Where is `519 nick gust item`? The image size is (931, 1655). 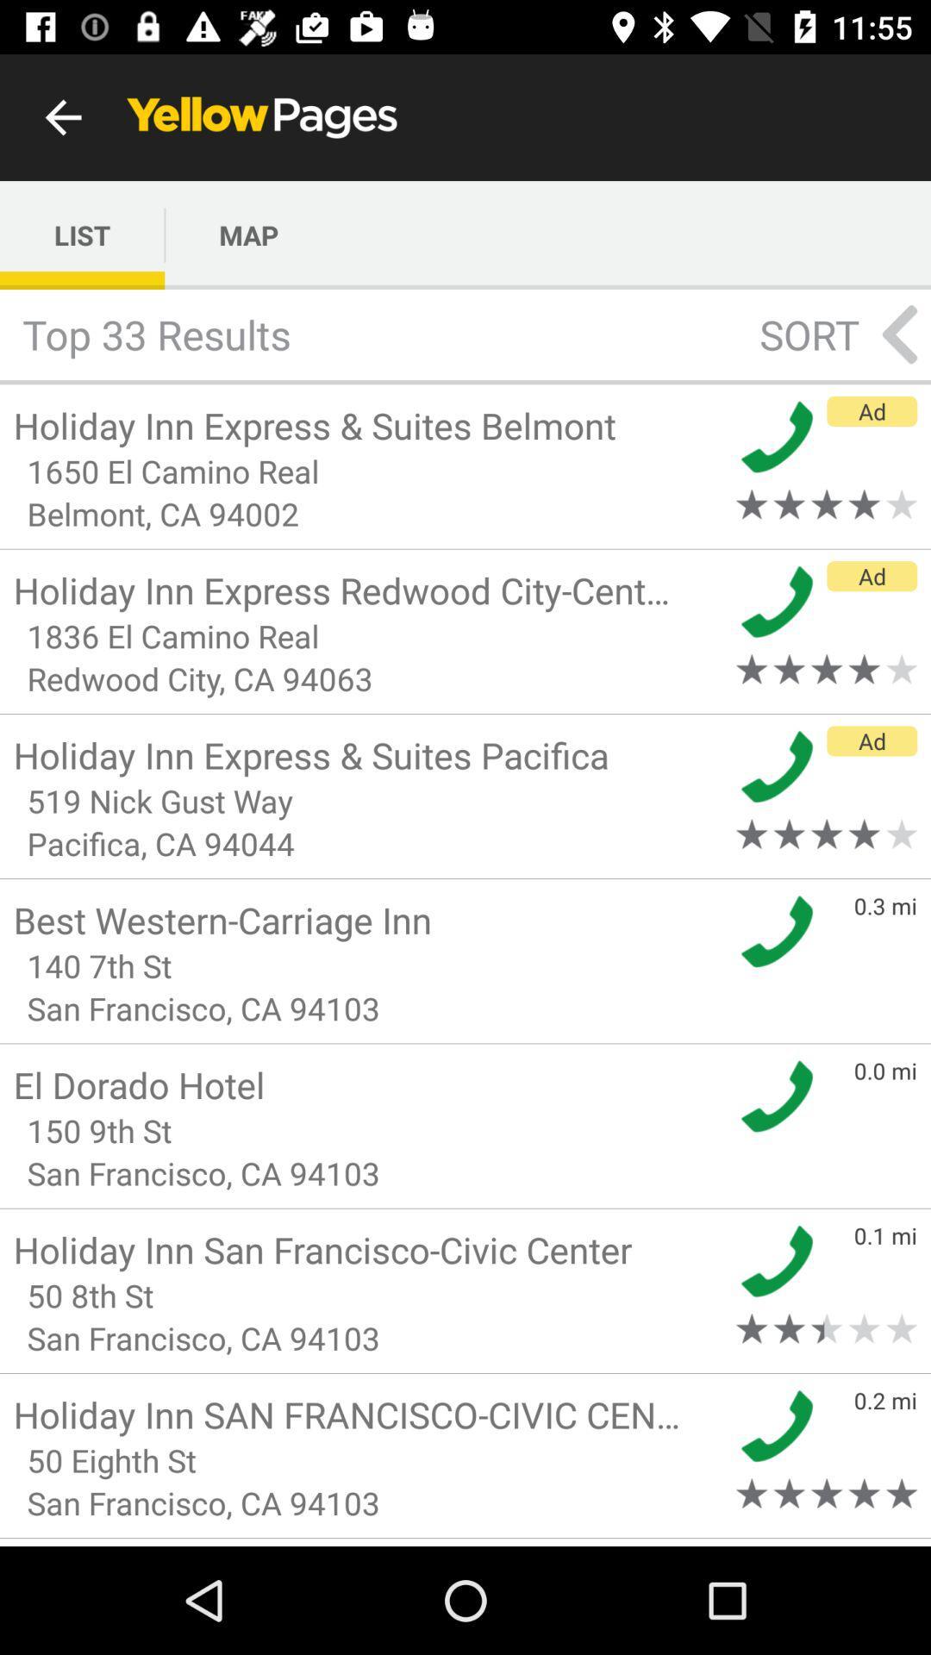
519 nick gust item is located at coordinates (368, 800).